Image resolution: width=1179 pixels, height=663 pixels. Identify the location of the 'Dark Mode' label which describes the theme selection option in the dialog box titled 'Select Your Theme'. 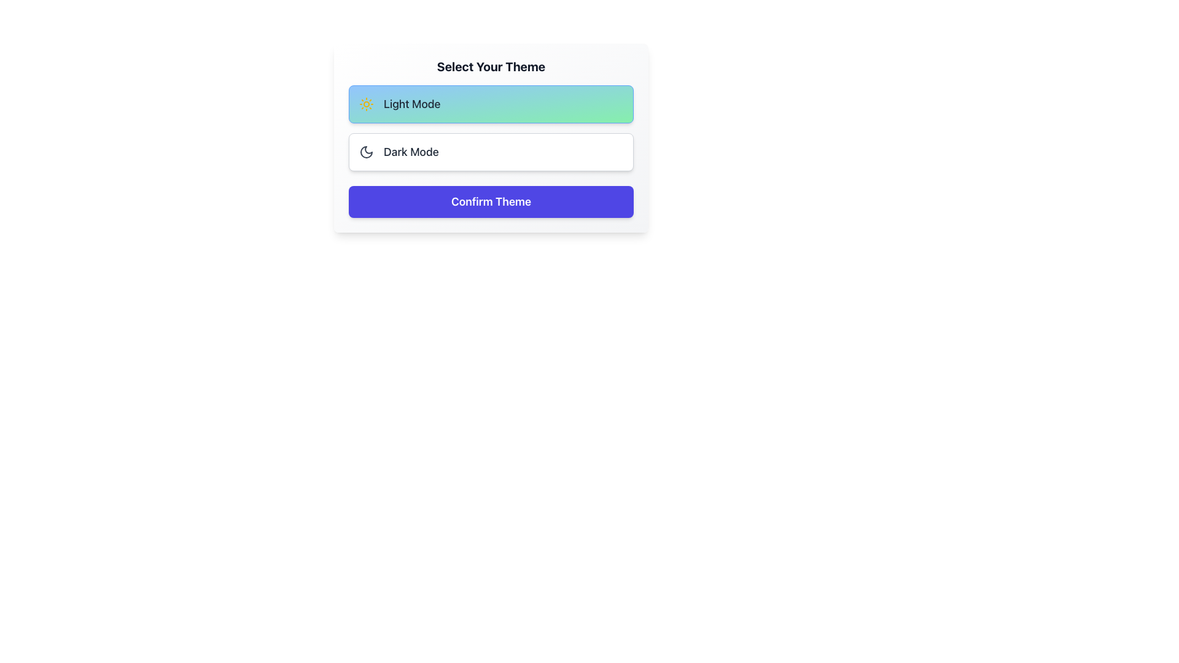
(411, 151).